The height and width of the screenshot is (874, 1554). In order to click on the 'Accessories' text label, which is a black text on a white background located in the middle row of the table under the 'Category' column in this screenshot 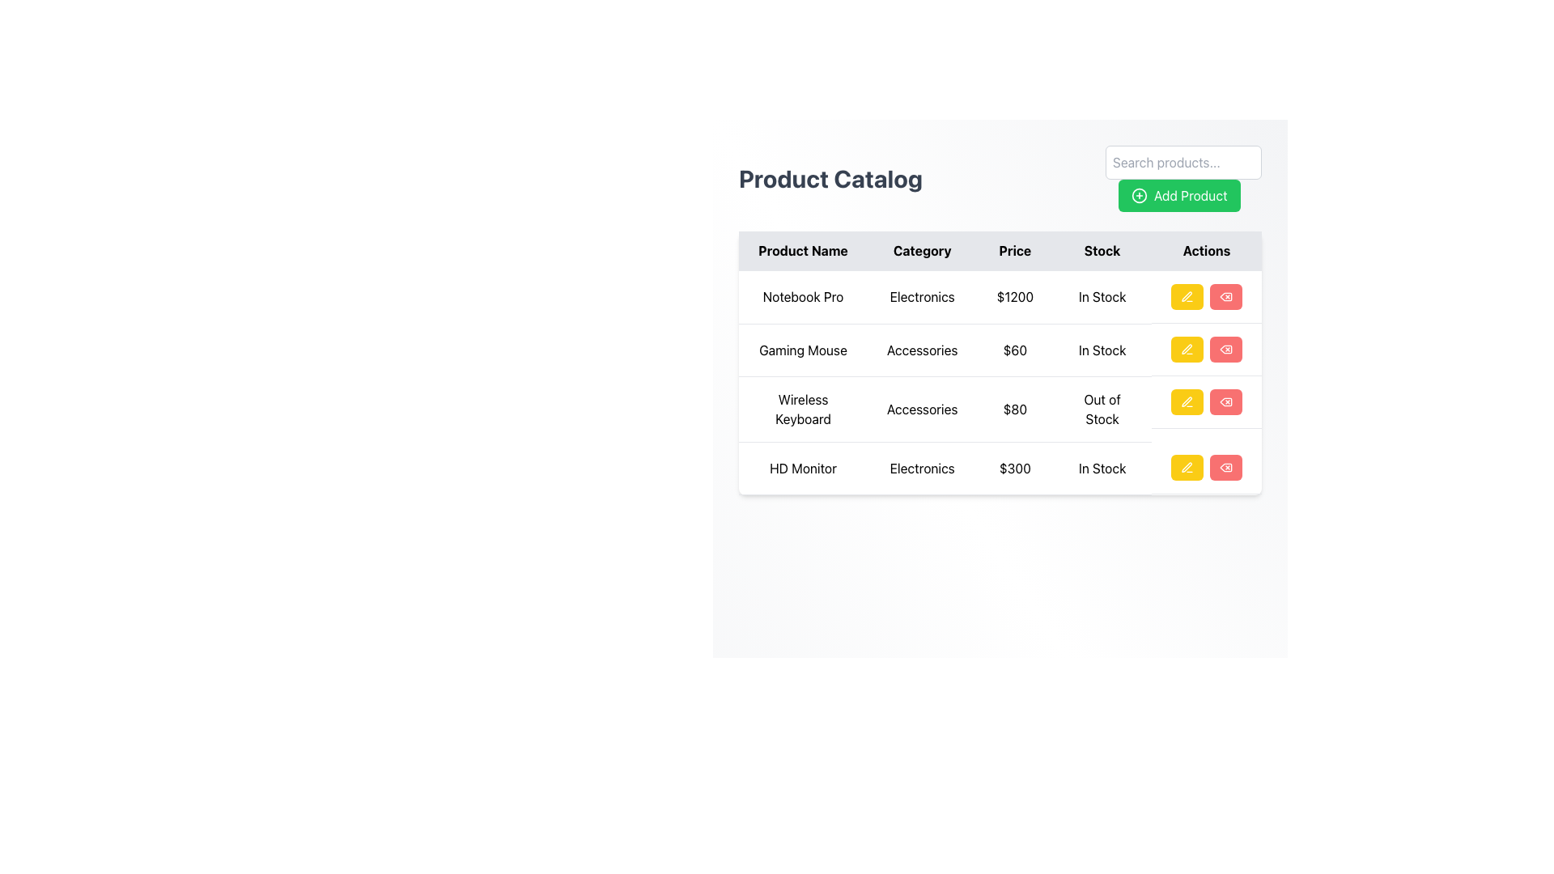, I will do `click(922, 408)`.